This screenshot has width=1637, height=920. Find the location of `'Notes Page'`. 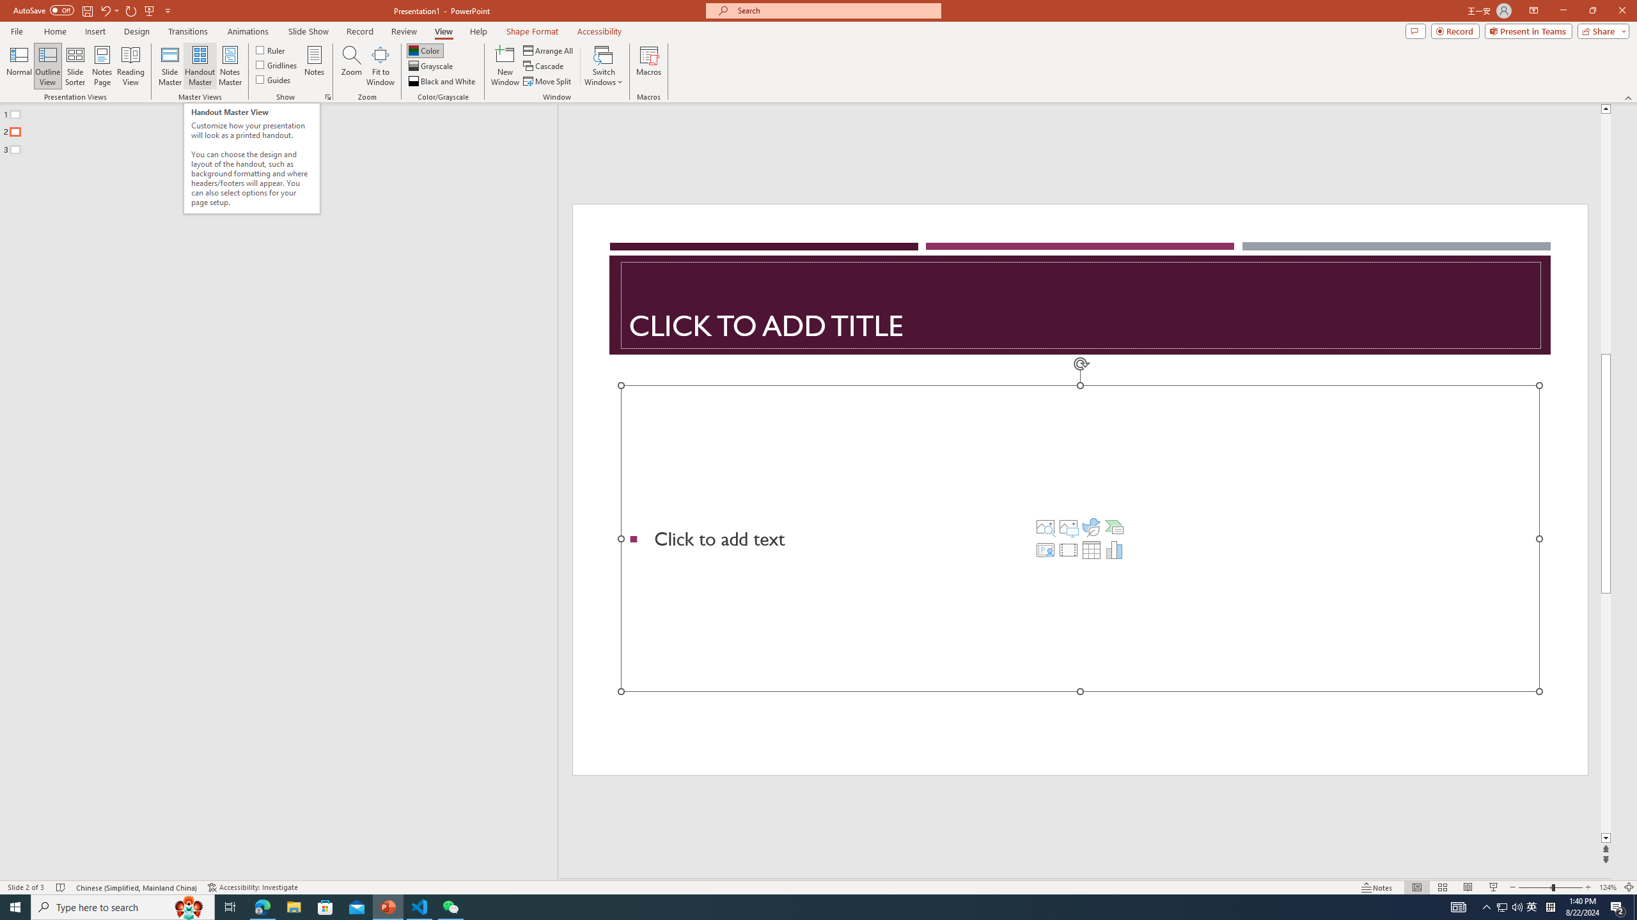

'Notes Page' is located at coordinates (102, 66).